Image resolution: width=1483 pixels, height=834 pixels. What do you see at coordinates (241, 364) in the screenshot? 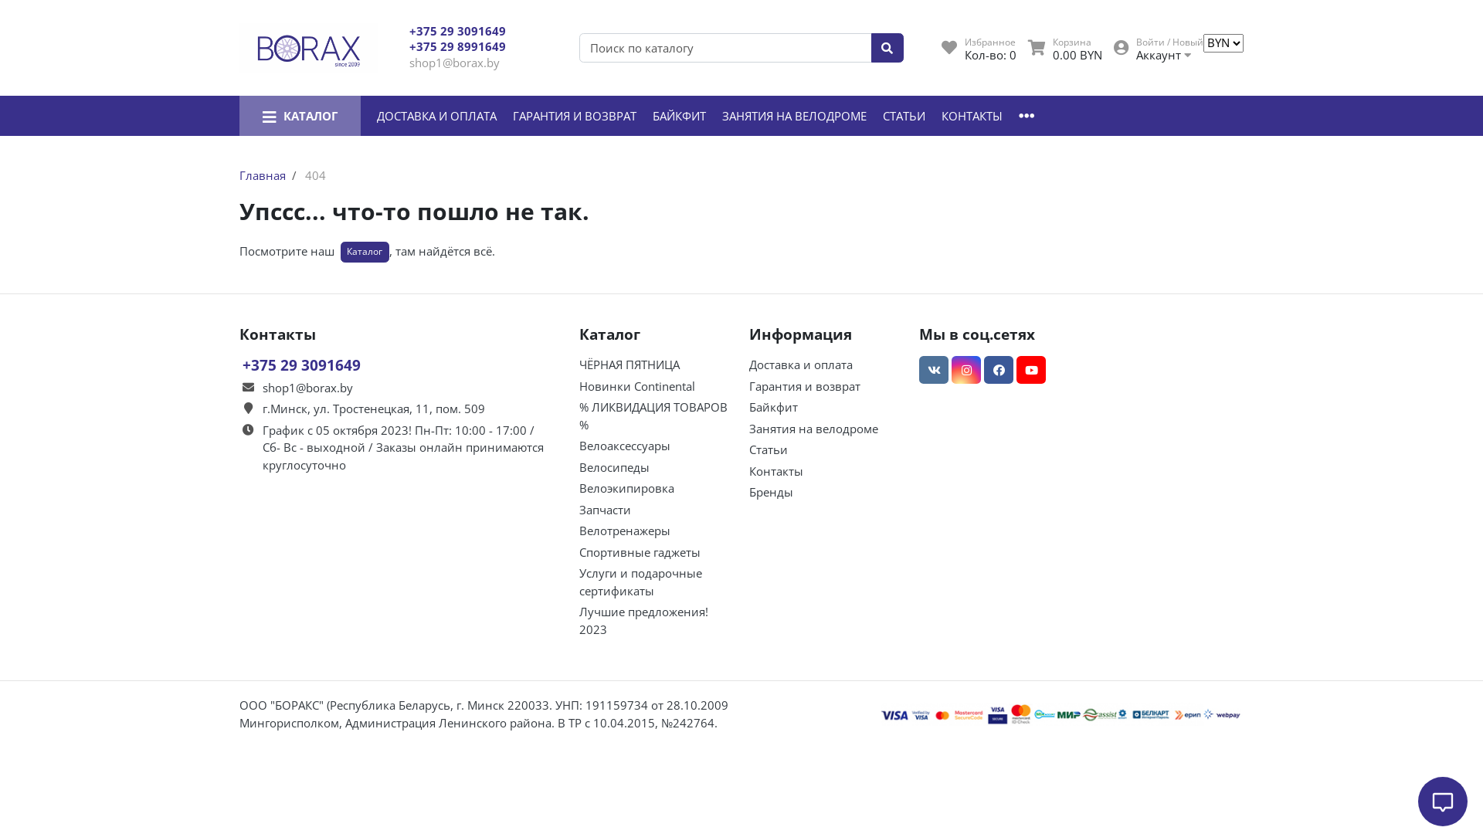
I see `'+375 29 3091649'` at bounding box center [241, 364].